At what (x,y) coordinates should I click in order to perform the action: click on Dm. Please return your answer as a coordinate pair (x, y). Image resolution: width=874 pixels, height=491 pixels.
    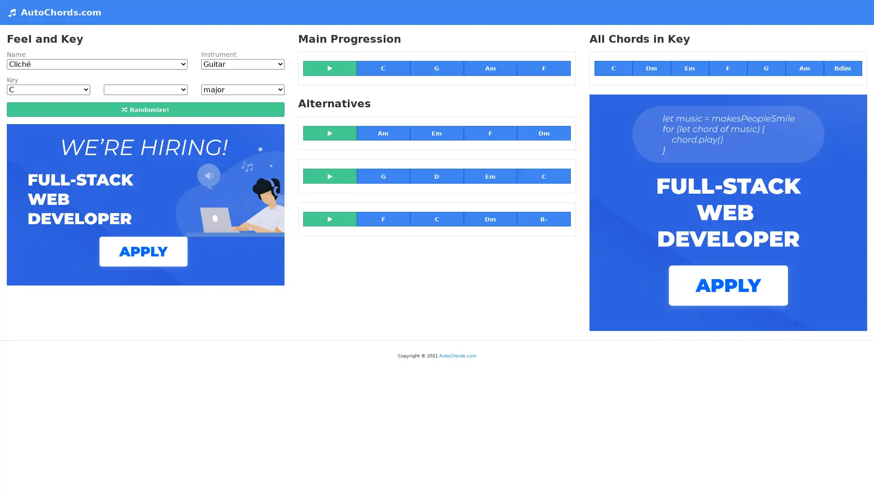
    Looking at the image, I should click on (489, 219).